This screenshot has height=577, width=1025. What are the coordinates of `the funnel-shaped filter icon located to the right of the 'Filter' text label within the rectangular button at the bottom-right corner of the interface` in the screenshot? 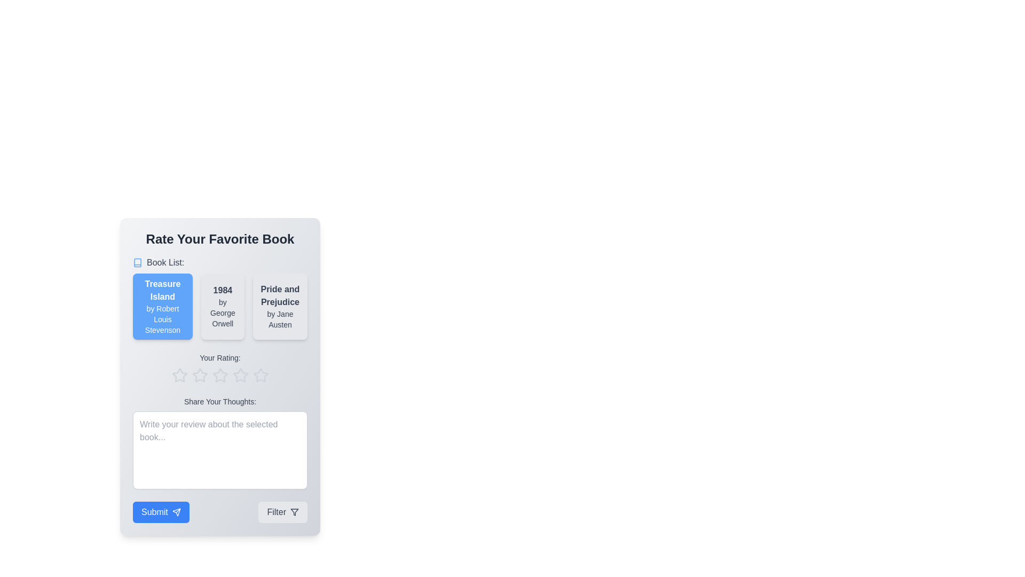 It's located at (295, 512).